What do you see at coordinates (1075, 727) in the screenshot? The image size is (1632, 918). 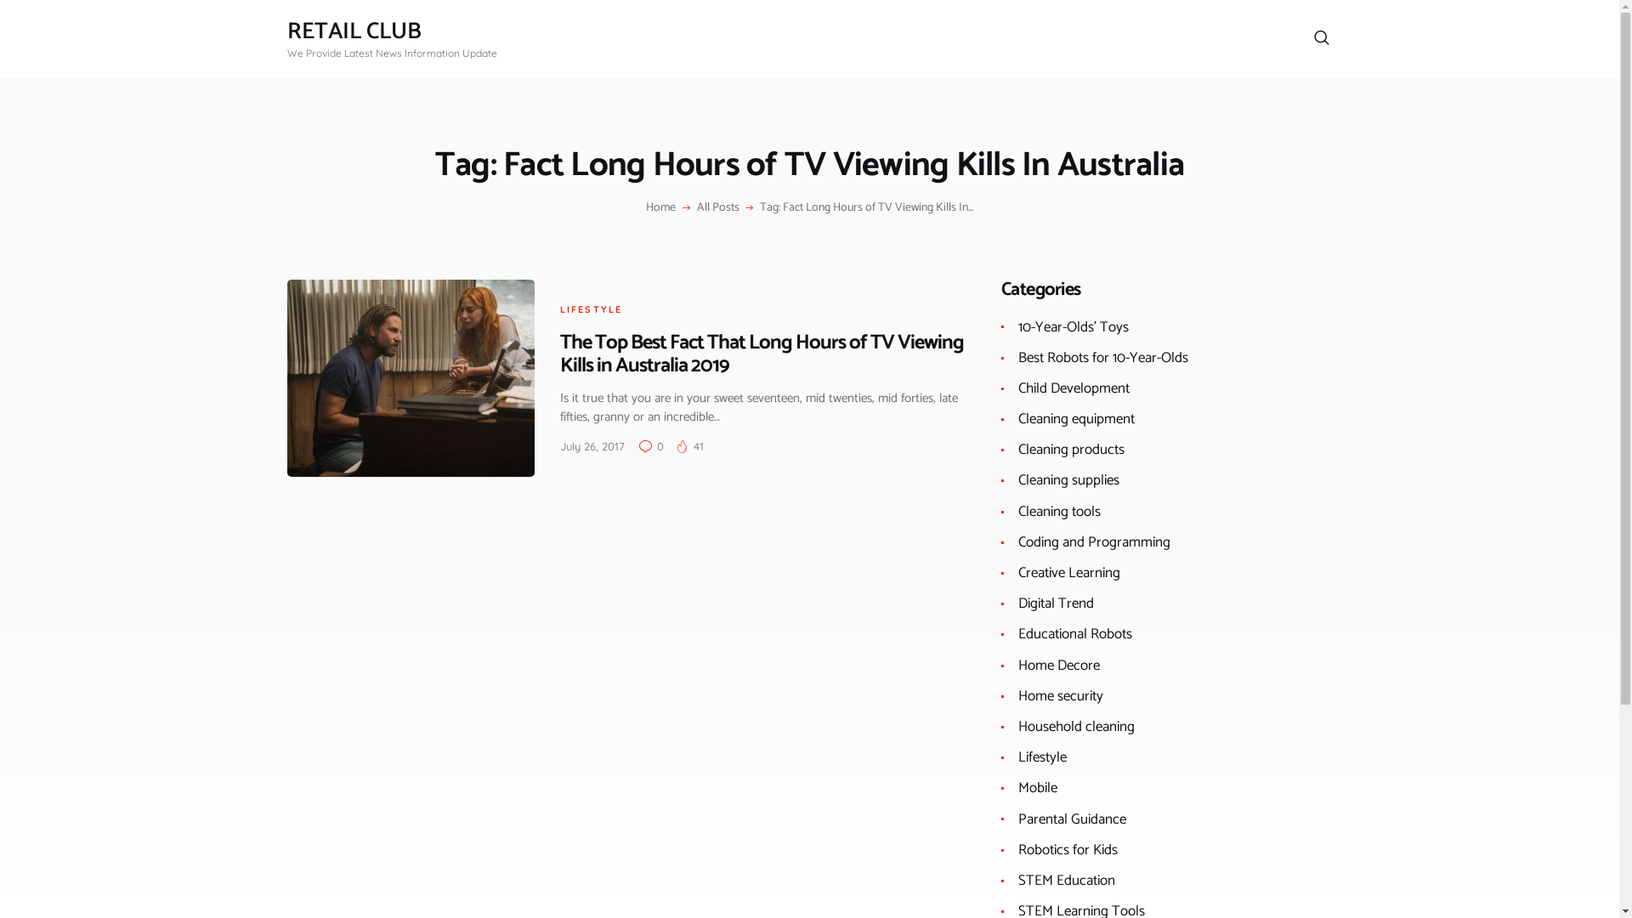 I see `'Household cleaning'` at bounding box center [1075, 727].